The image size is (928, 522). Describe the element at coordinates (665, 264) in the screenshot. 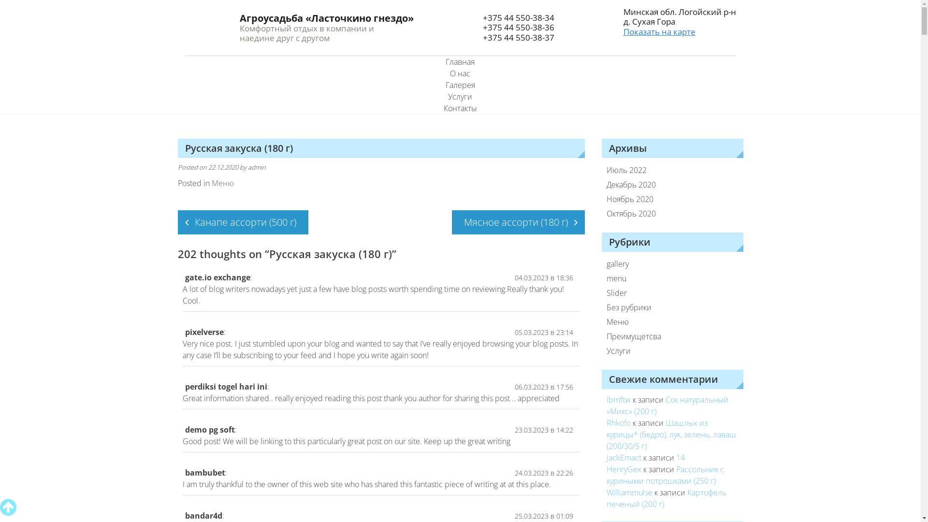

I see `'gallery'` at that location.